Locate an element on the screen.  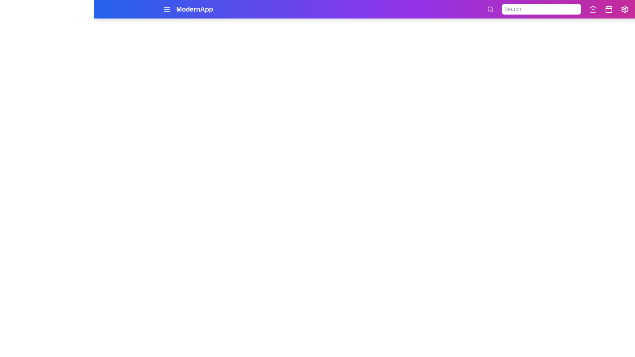
the hamburger menu icon, which is a small icon with three horizontal lines located to the left of the 'ModernApp' text in the top navigation bar, to observe a style change is located at coordinates (167, 9).